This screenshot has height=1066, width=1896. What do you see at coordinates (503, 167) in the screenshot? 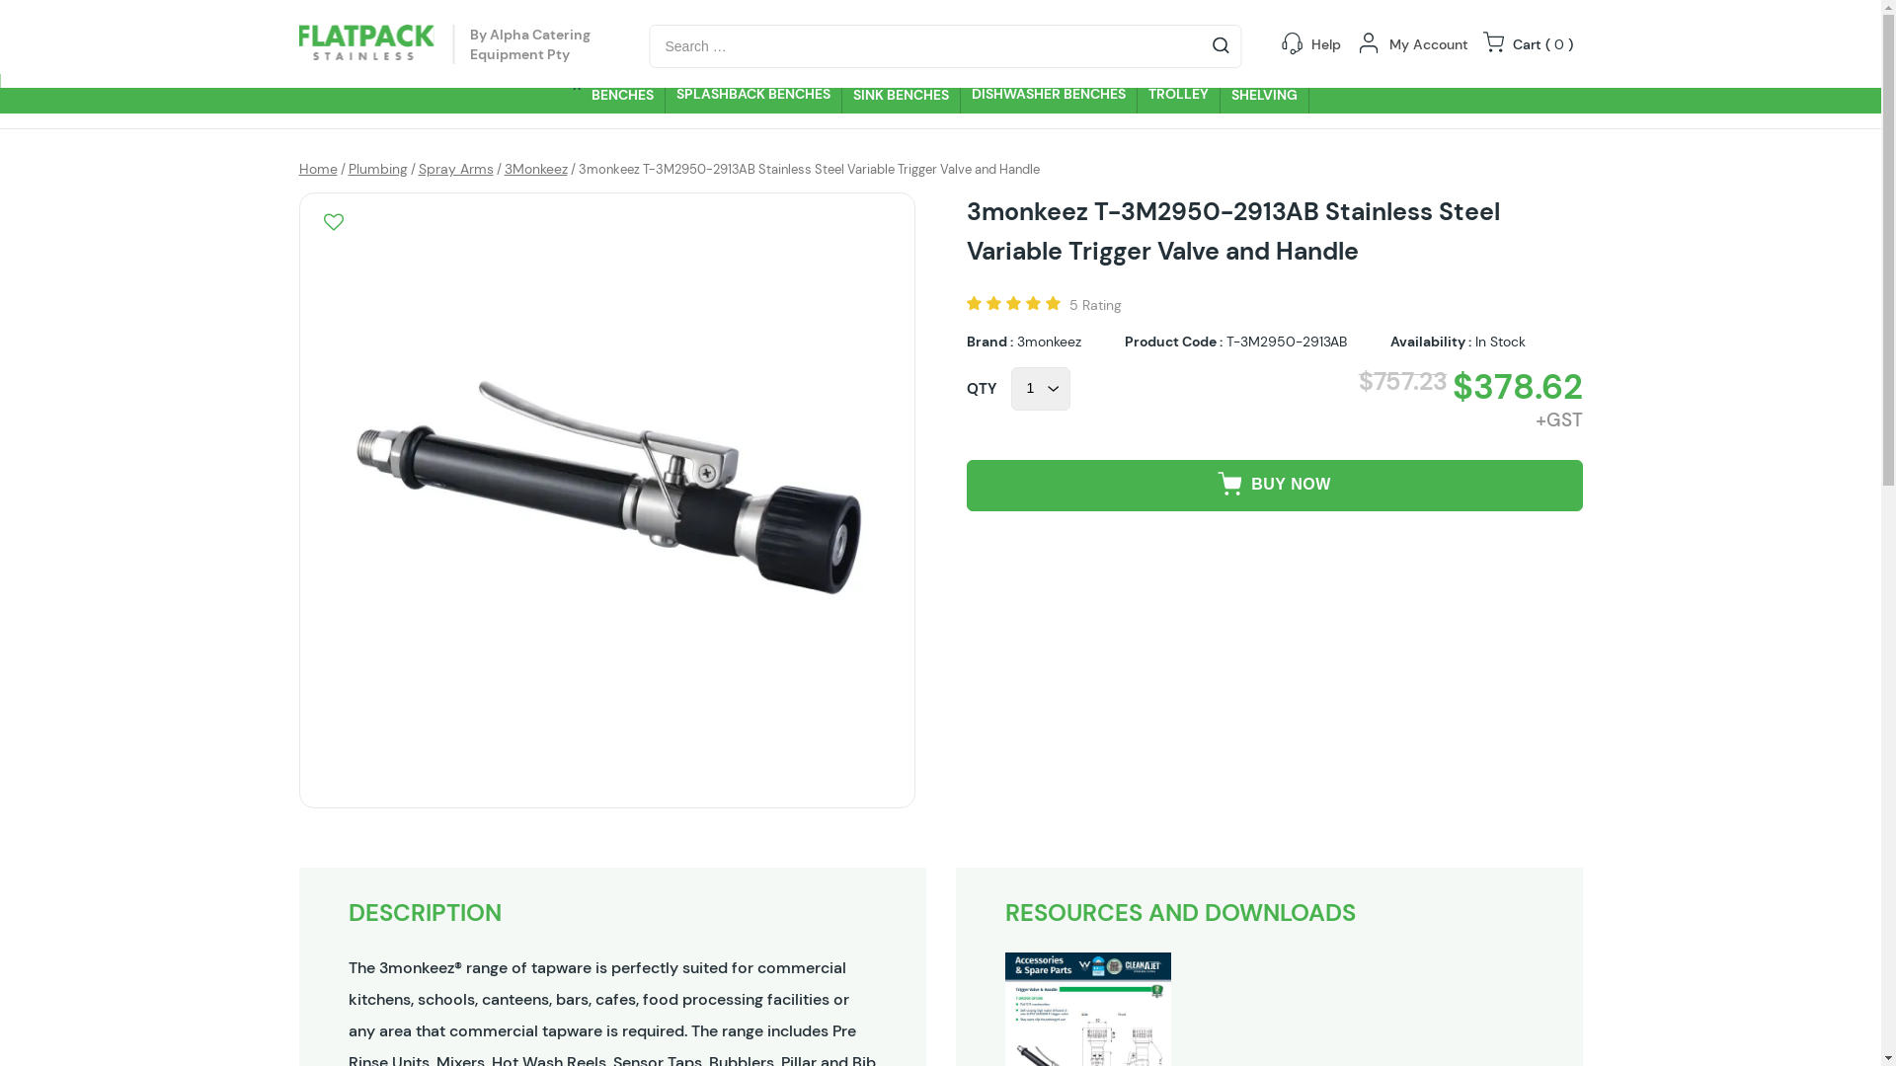
I see `'3Monkeez'` at bounding box center [503, 167].